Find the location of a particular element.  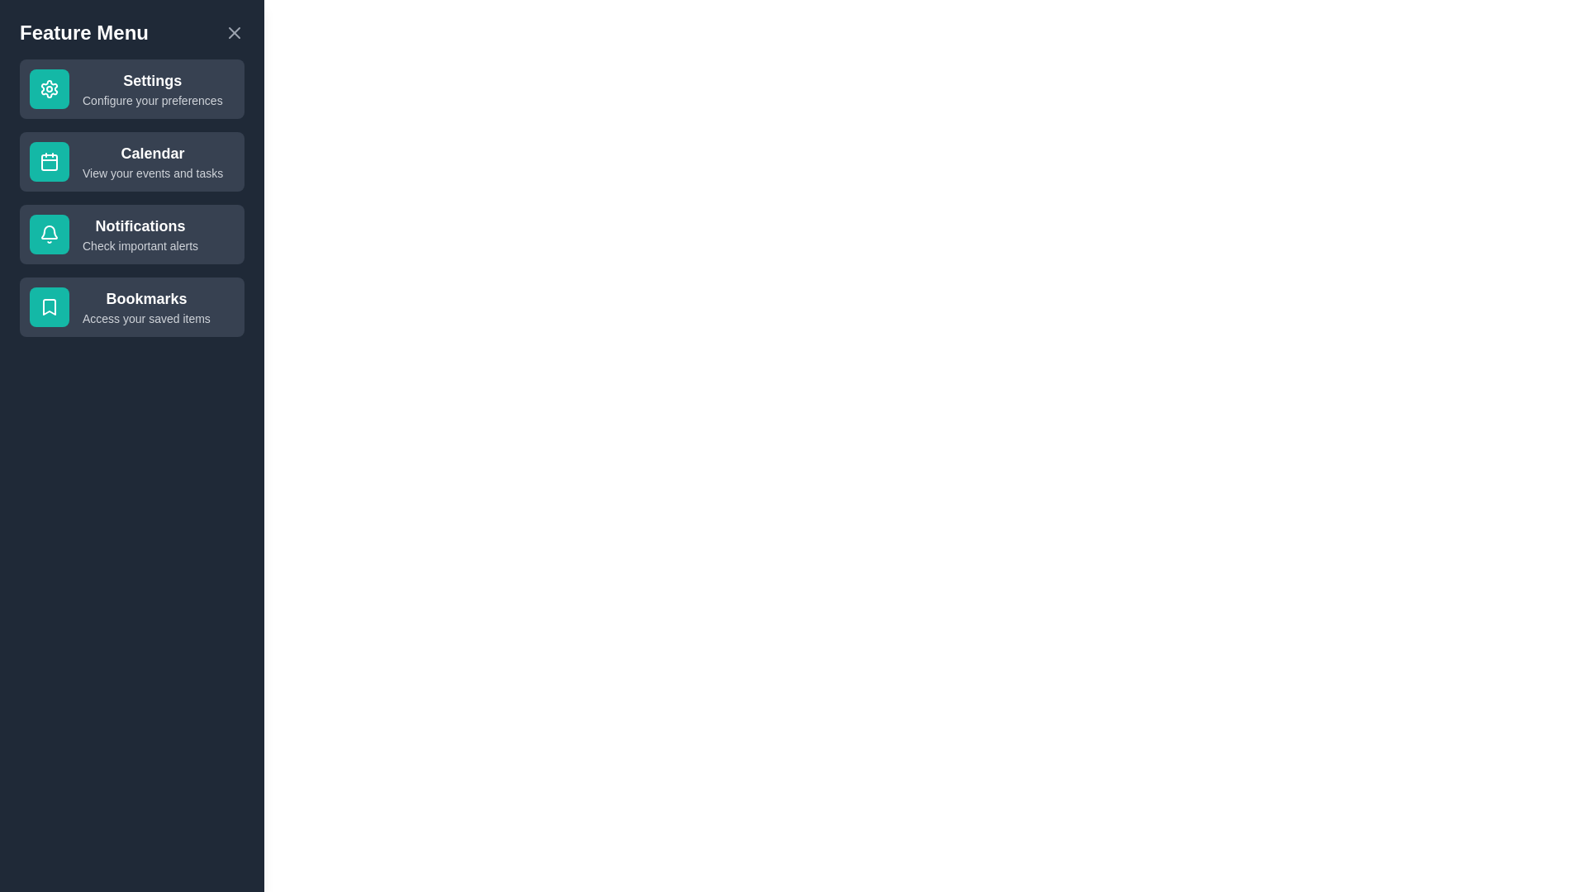

the icon associated with the feature Bookmarks is located at coordinates (49, 306).